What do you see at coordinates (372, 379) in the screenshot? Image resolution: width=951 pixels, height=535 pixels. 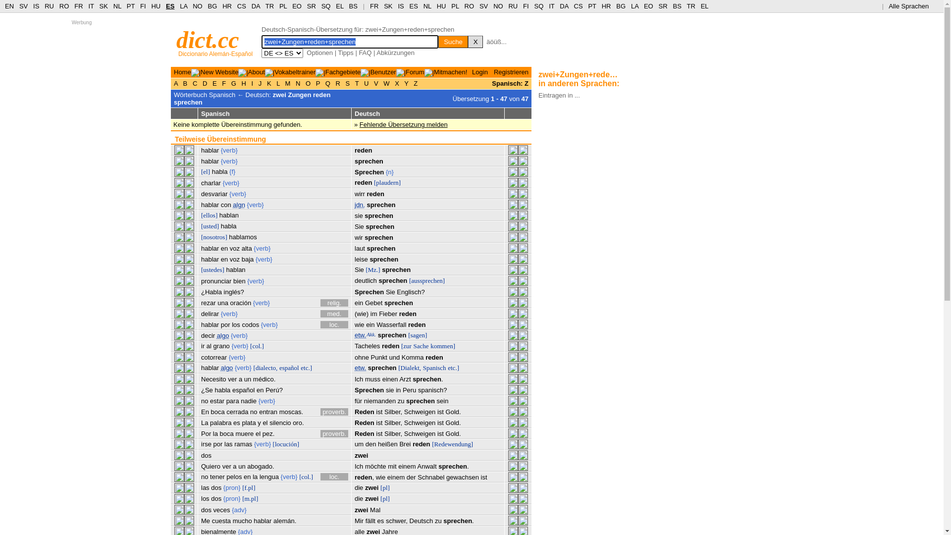 I see `'muss'` at bounding box center [372, 379].